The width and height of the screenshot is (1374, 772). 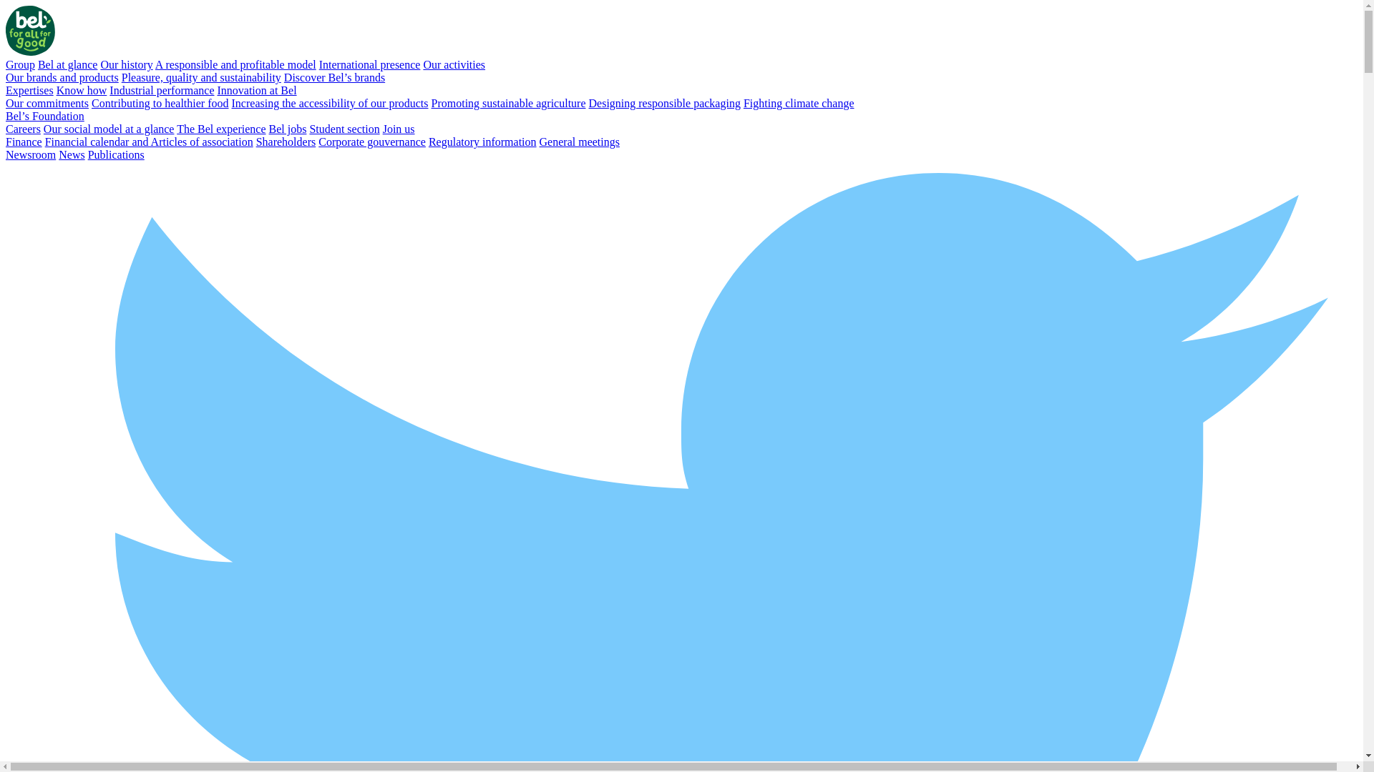 What do you see at coordinates (67, 64) in the screenshot?
I see `'Bel at glance'` at bounding box center [67, 64].